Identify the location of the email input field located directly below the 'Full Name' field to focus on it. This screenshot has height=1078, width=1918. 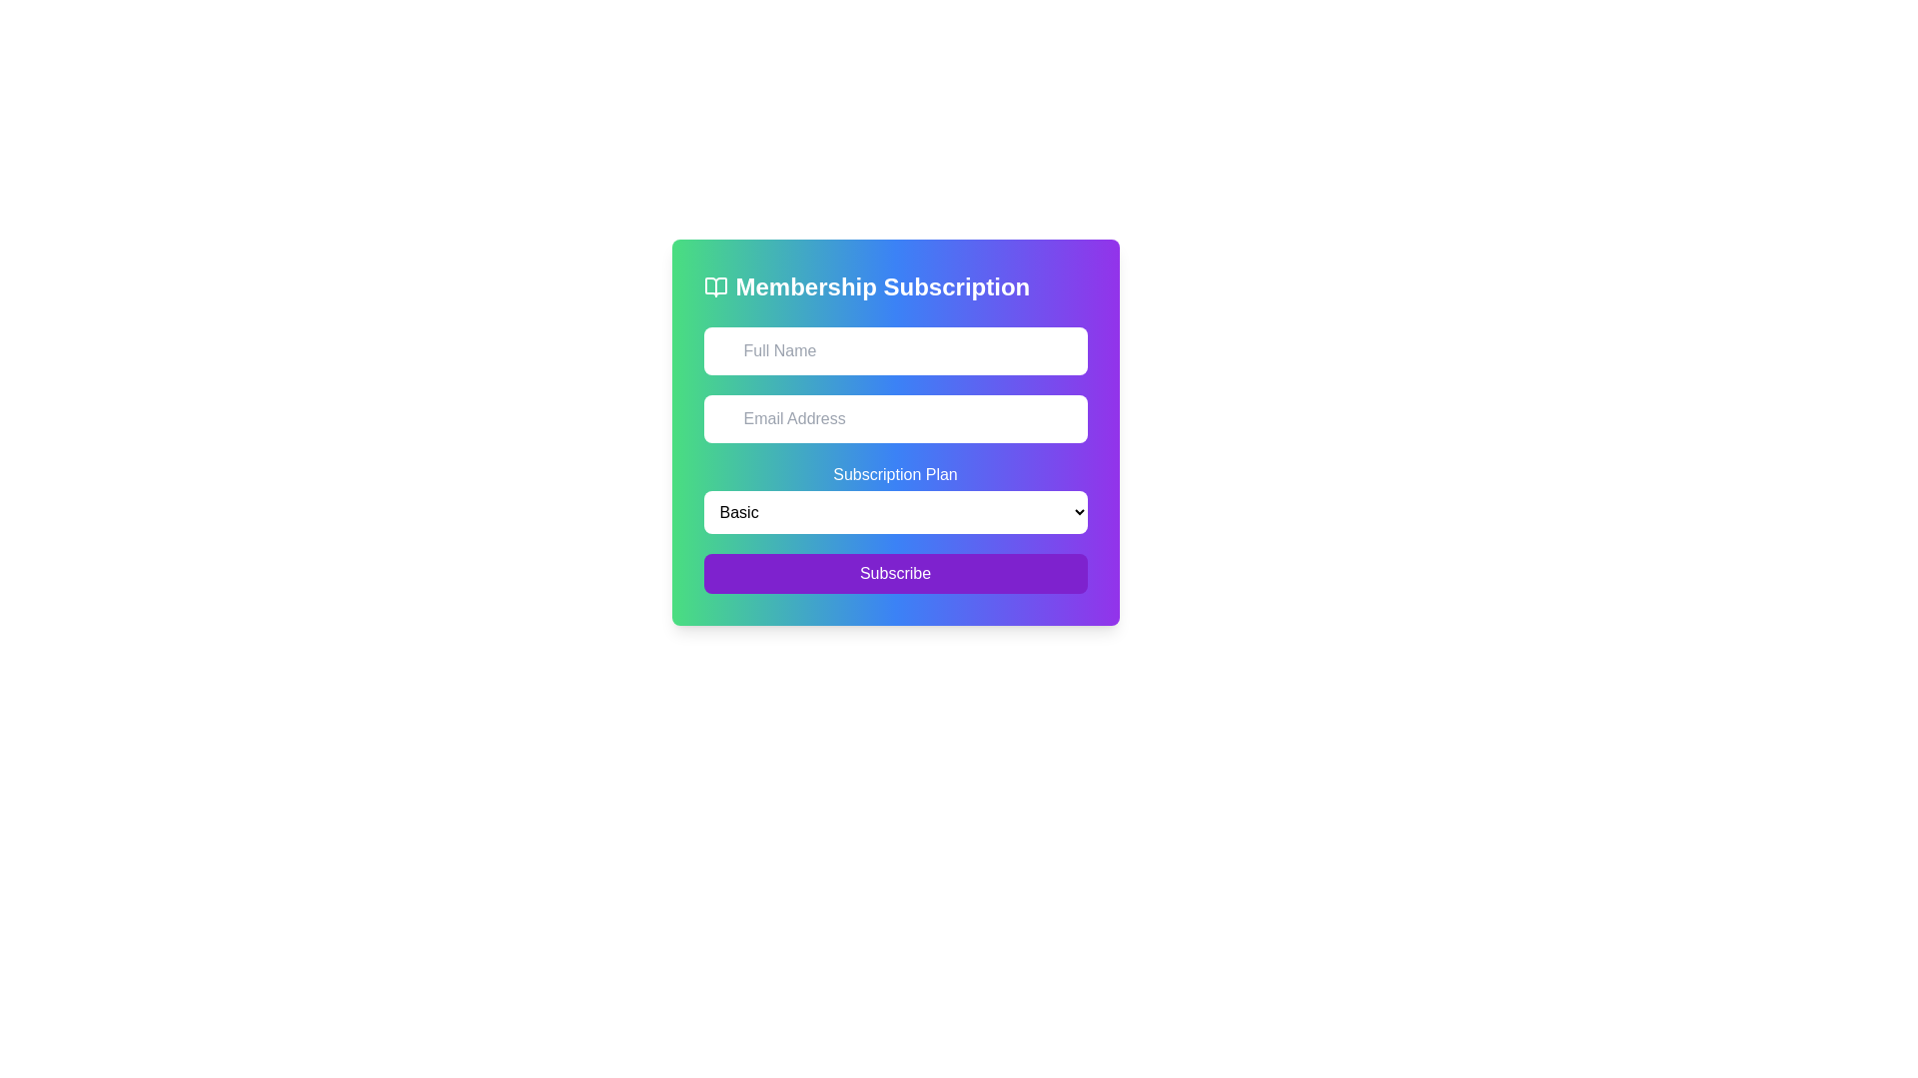
(894, 418).